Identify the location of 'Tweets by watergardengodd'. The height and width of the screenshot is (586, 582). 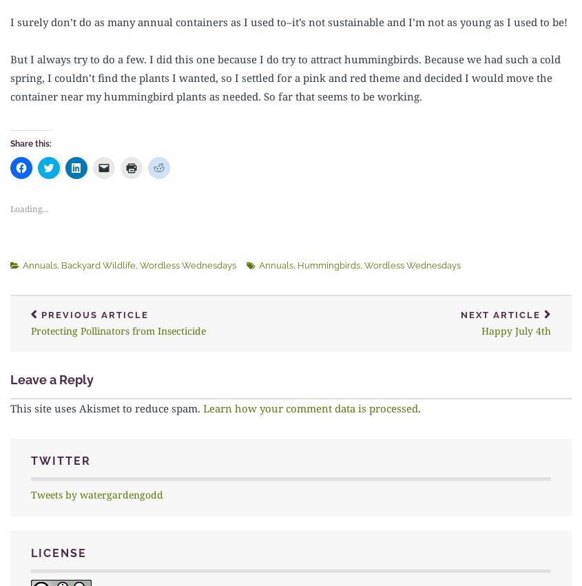
(97, 493).